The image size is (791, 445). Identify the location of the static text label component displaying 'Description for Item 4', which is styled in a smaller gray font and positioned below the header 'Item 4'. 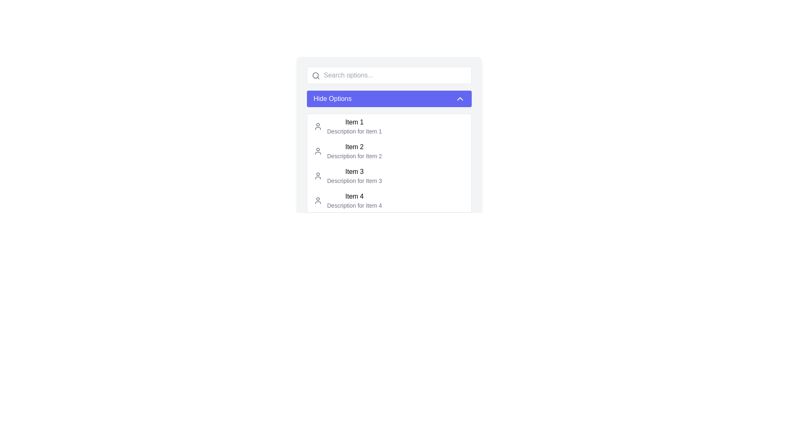
(354, 205).